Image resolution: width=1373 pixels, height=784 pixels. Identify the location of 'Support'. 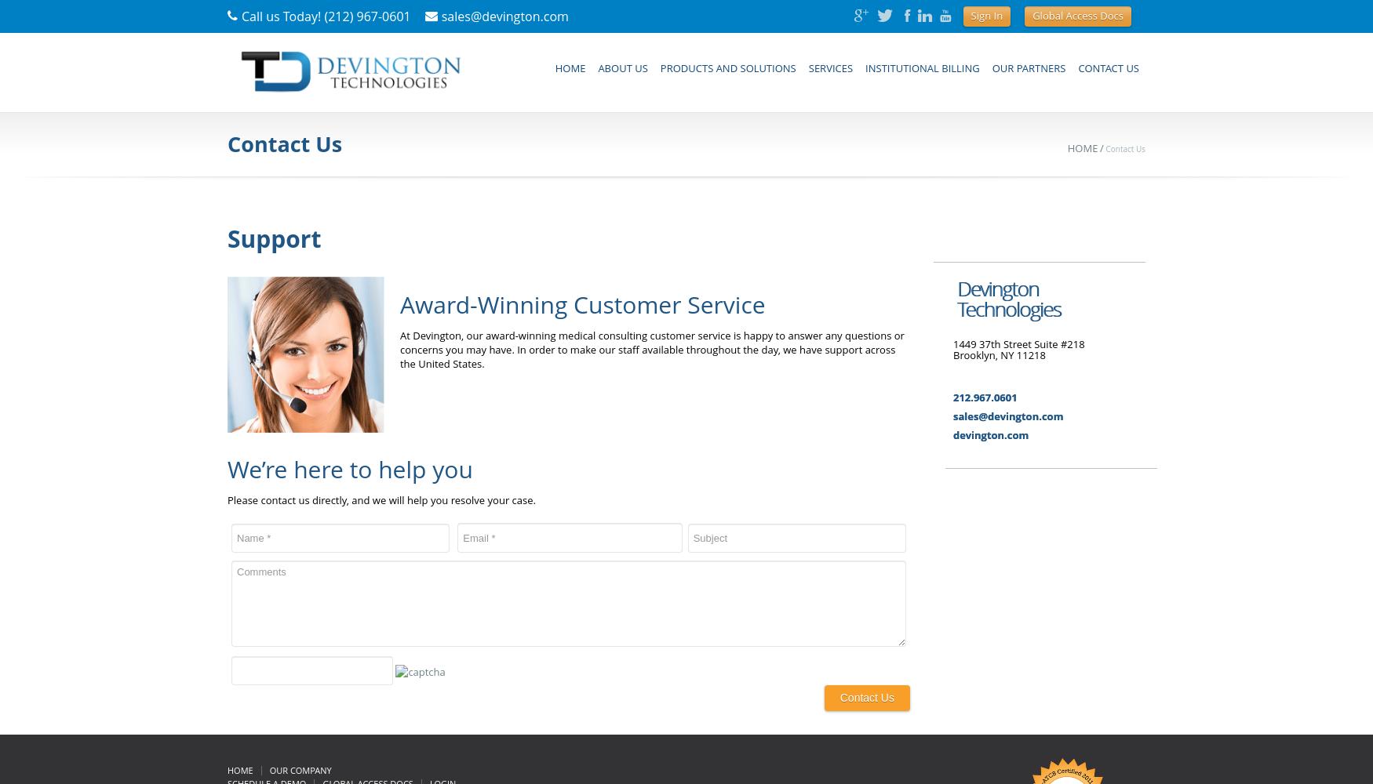
(274, 238).